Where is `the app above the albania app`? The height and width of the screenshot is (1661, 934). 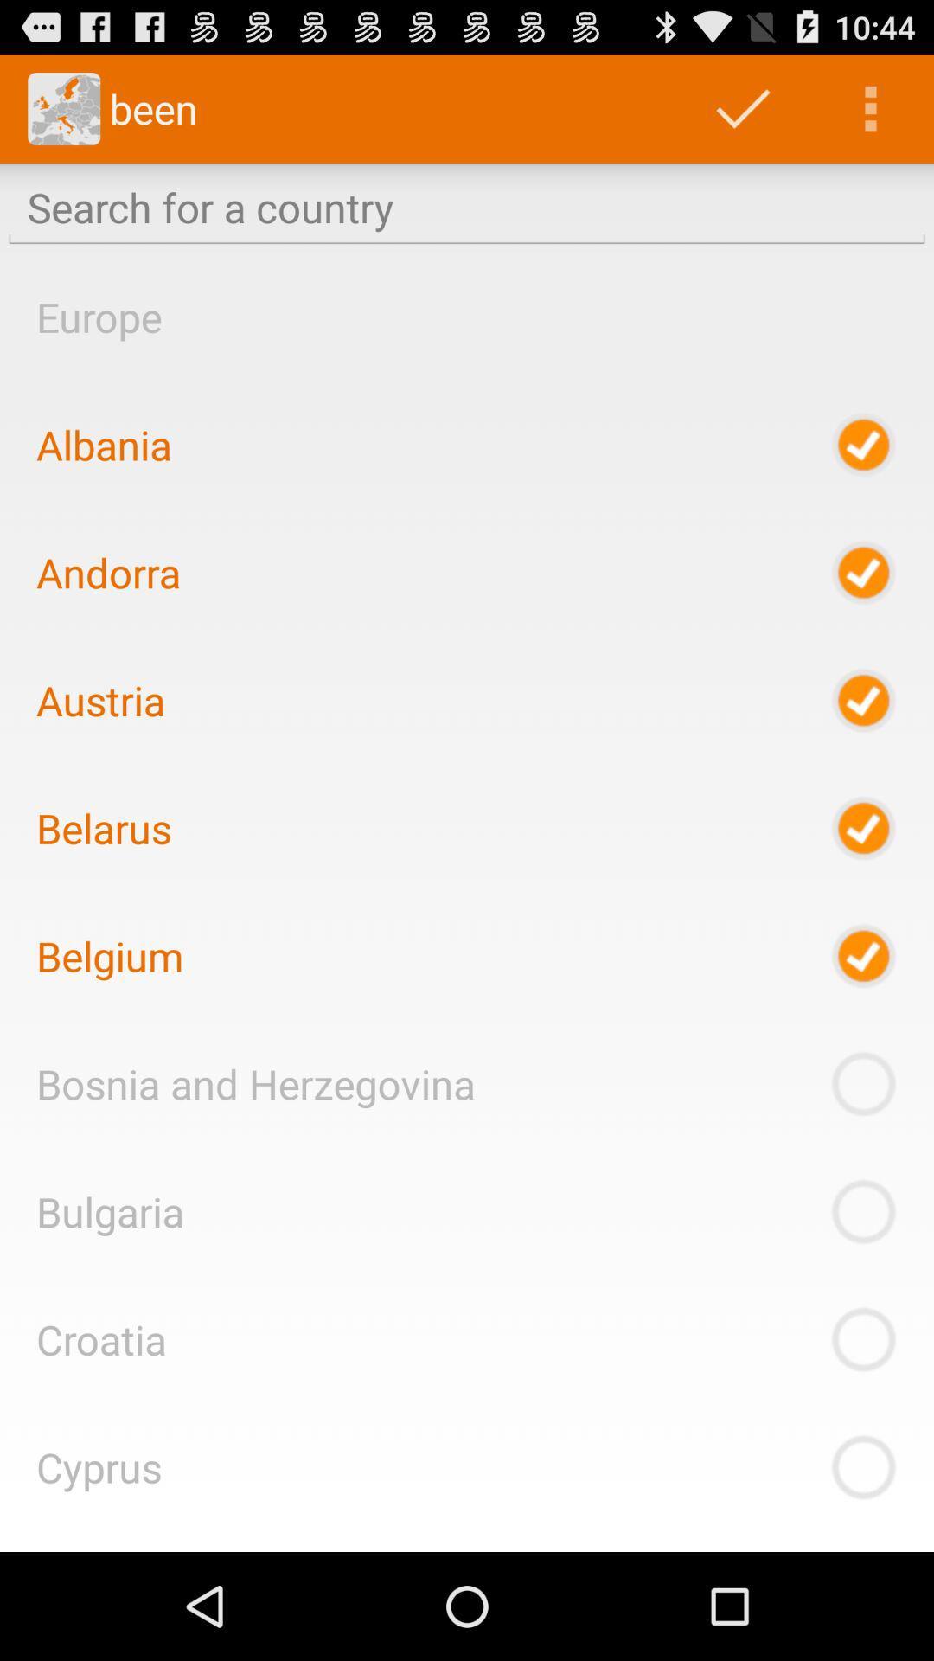
the app above the albania app is located at coordinates (99, 317).